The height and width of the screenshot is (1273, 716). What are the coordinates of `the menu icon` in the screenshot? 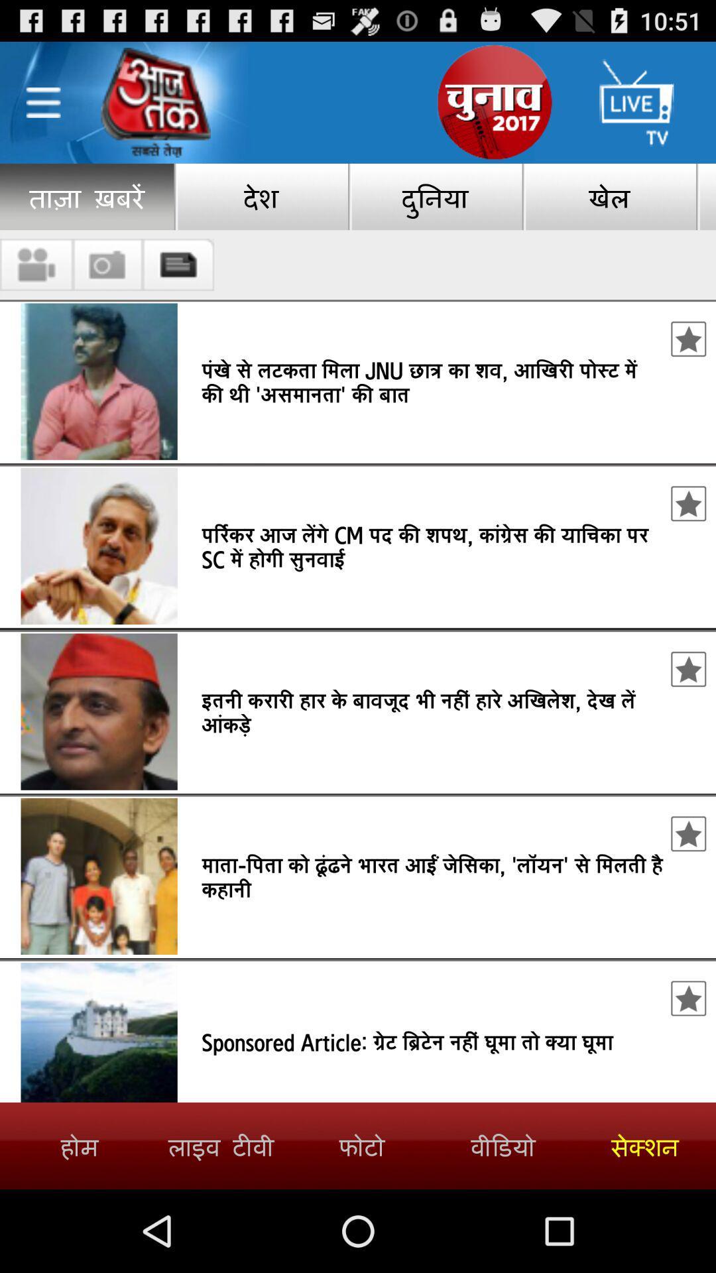 It's located at (42, 109).